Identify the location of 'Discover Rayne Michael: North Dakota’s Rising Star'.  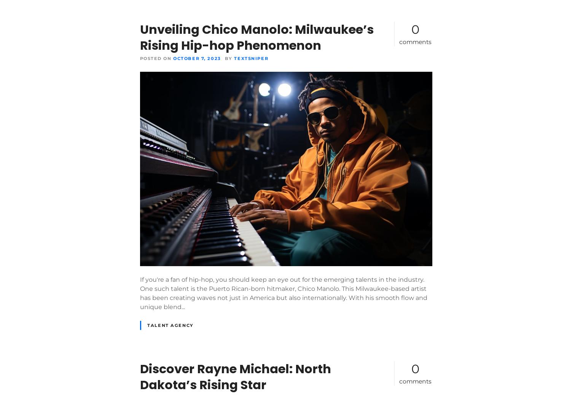
(235, 377).